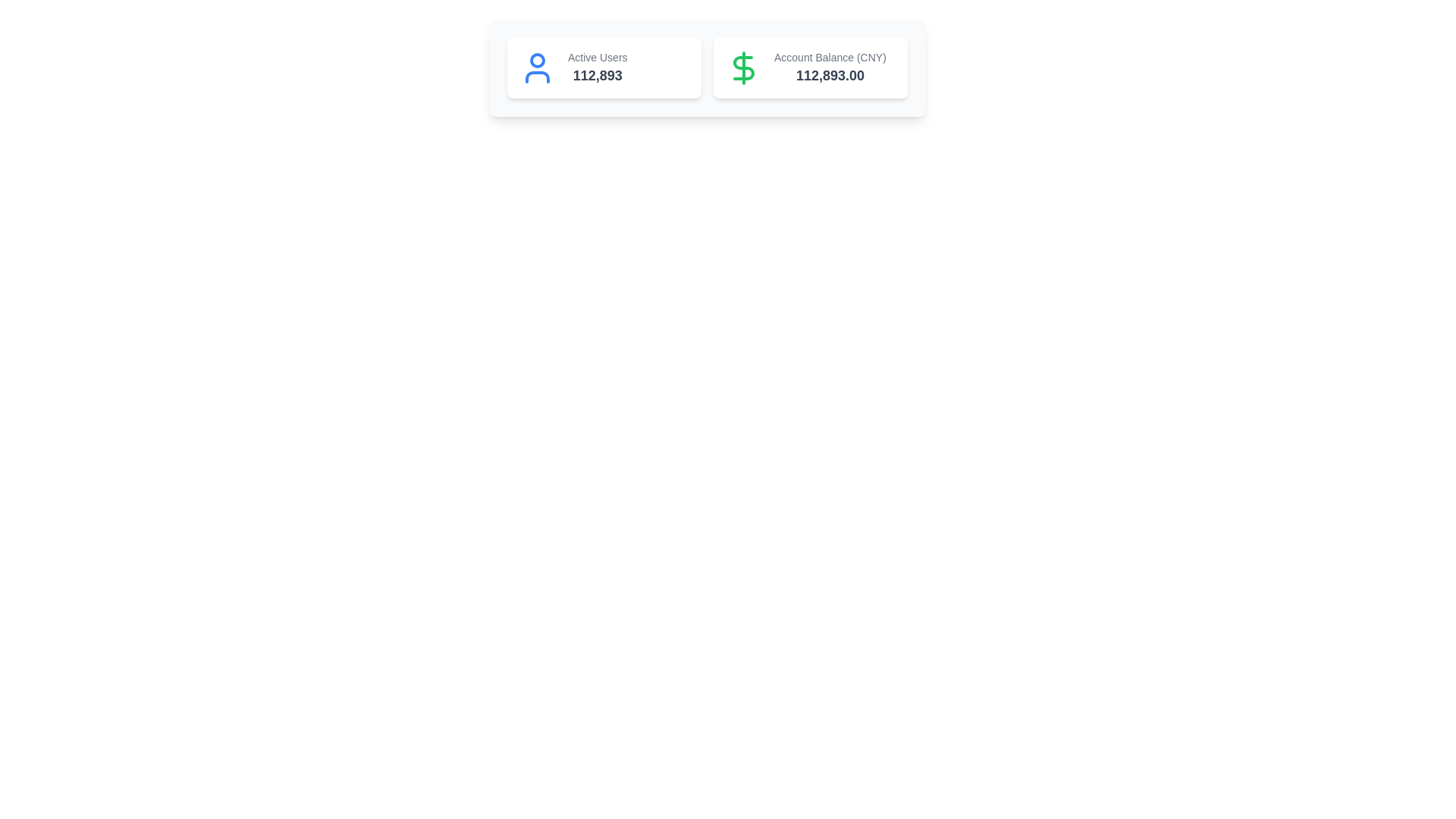  What do you see at coordinates (597, 57) in the screenshot?
I see `the Text Label indicating the number of active users, which is positioned centrally above the numerical figure '112,893'` at bounding box center [597, 57].